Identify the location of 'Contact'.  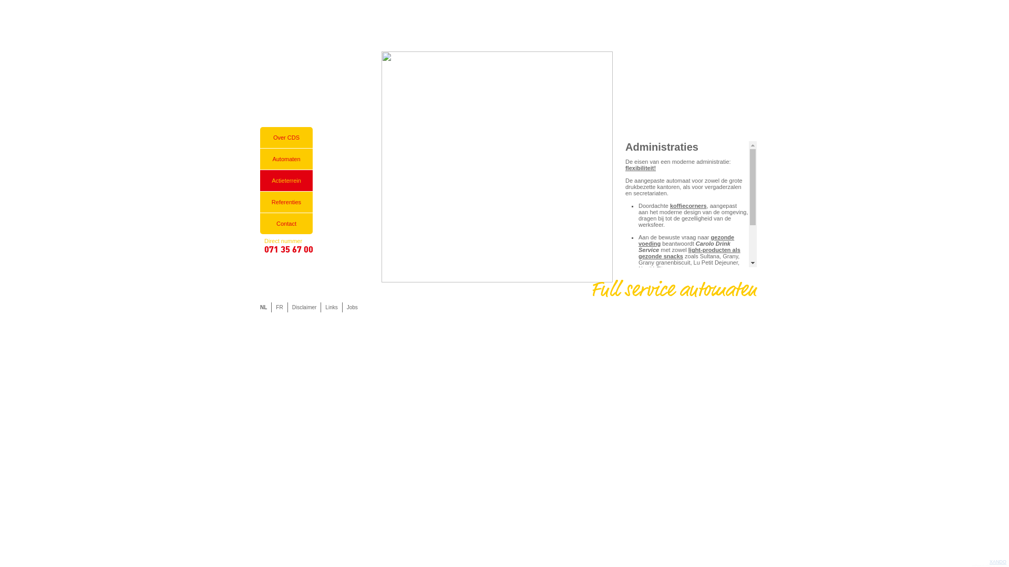
(260, 223).